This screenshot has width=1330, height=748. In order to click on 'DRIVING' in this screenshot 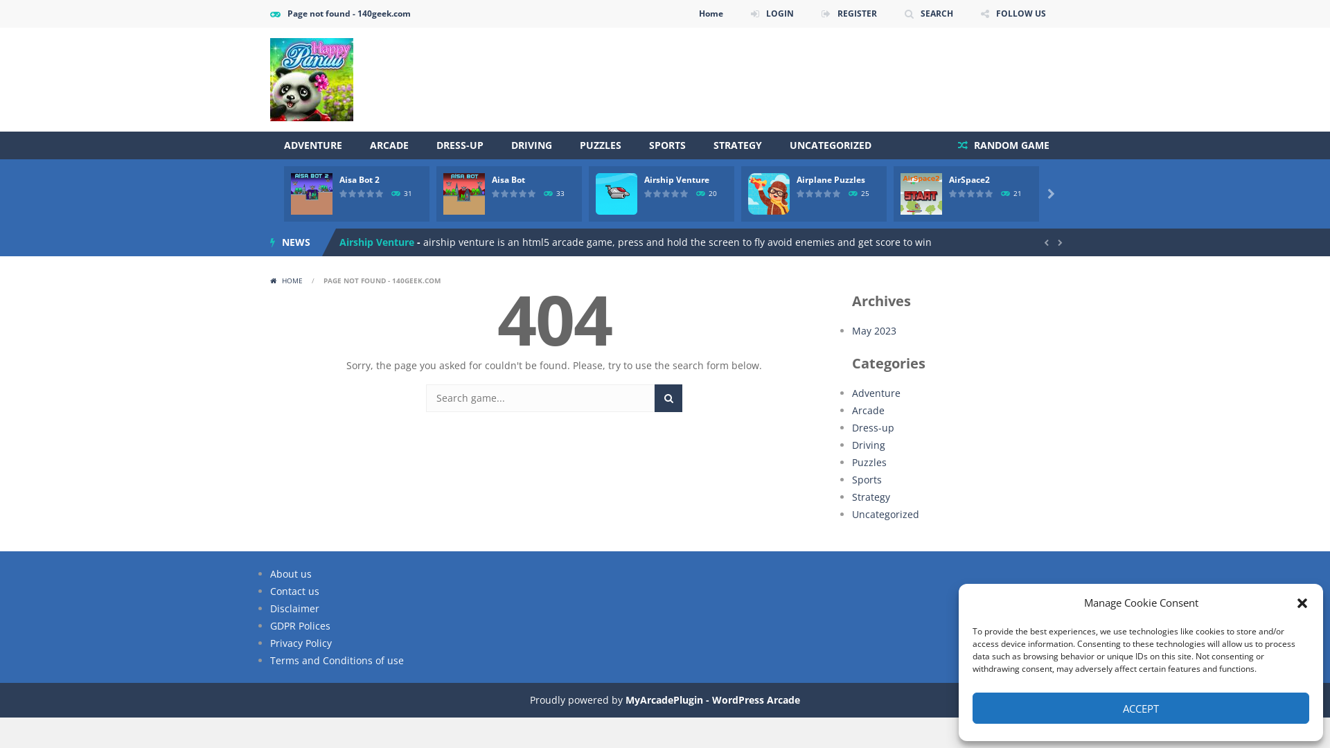, I will do `click(497, 145)`.